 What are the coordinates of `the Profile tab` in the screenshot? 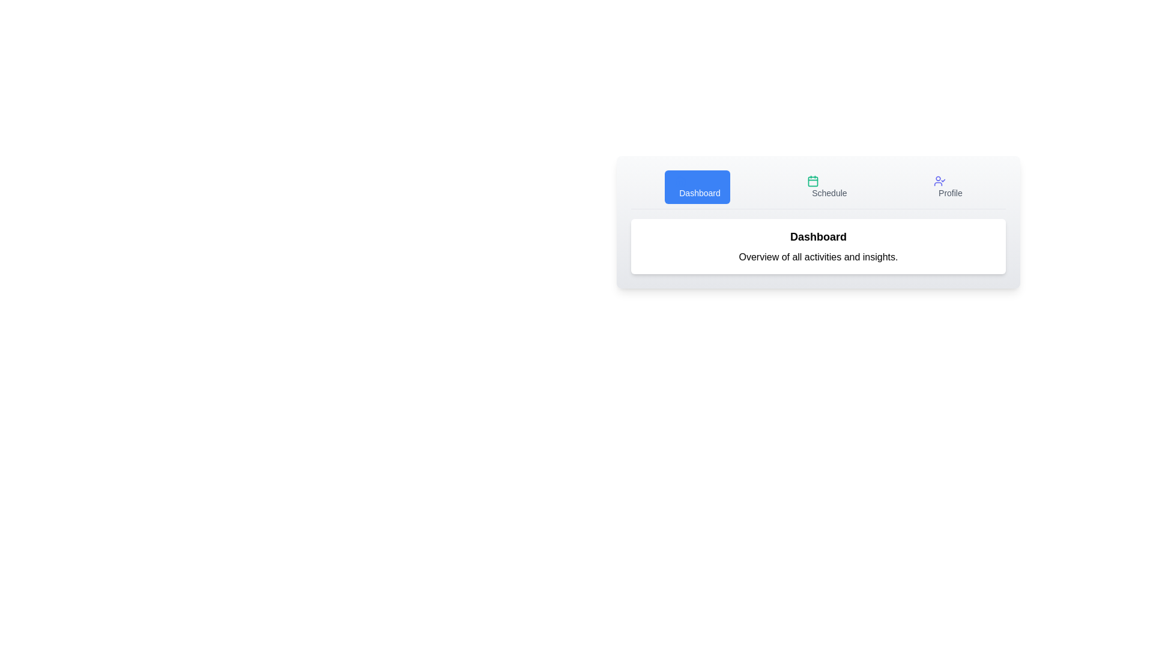 It's located at (948, 187).